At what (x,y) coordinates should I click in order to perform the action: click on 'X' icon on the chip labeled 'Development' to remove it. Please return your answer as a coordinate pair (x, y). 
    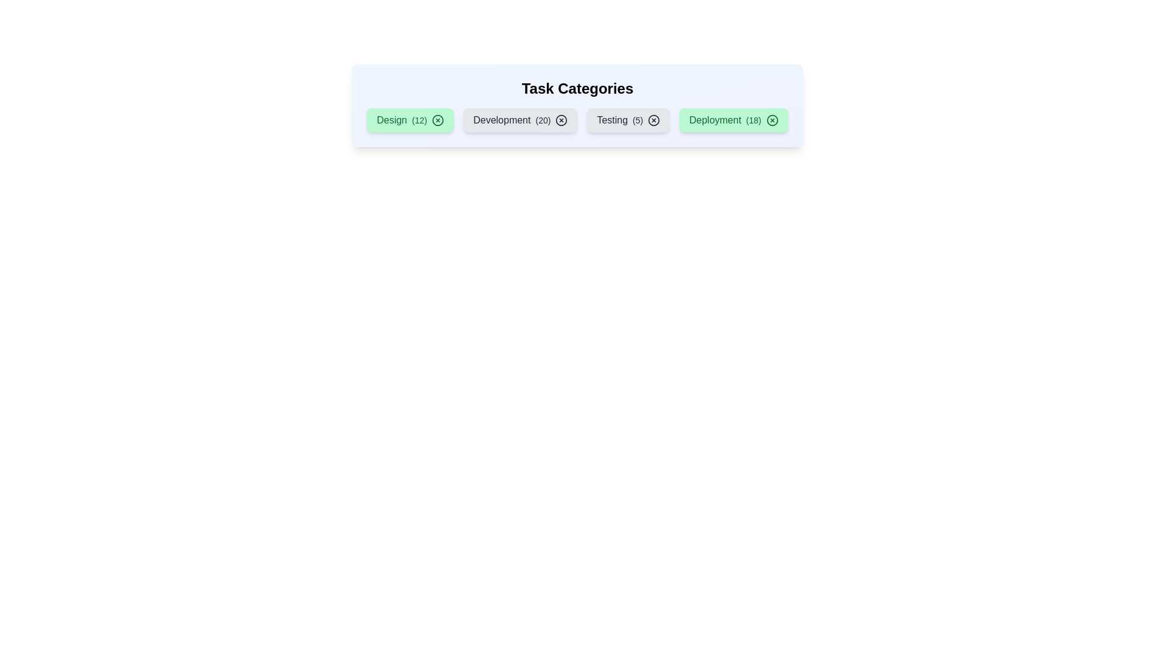
    Looking at the image, I should click on (561, 120).